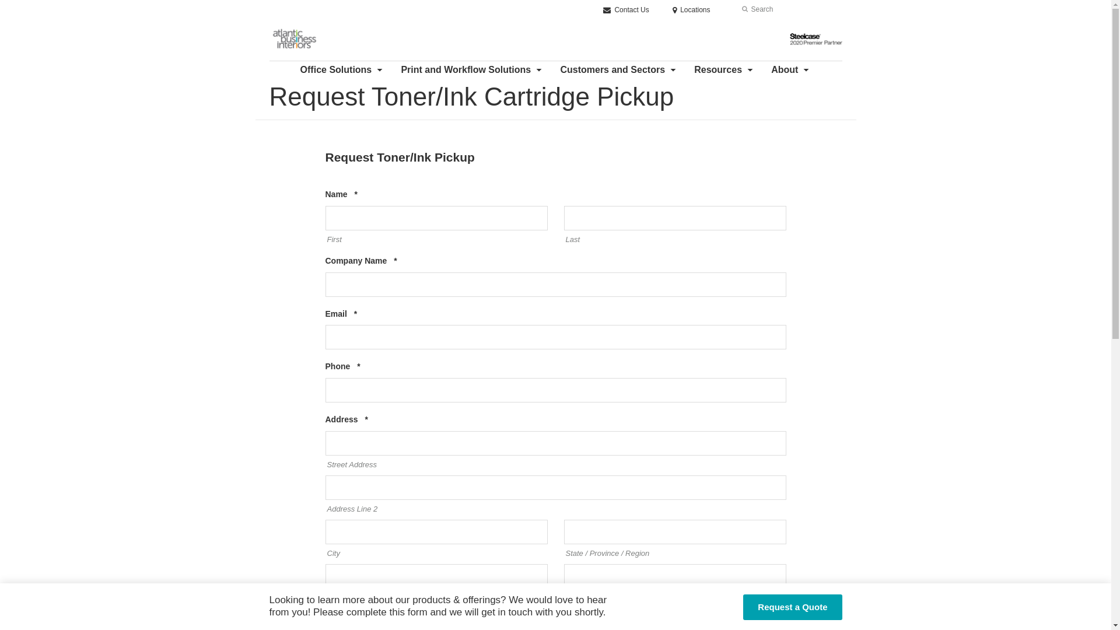 The height and width of the screenshot is (630, 1120). I want to click on 'Print and Workflow Solutions', so click(472, 69).